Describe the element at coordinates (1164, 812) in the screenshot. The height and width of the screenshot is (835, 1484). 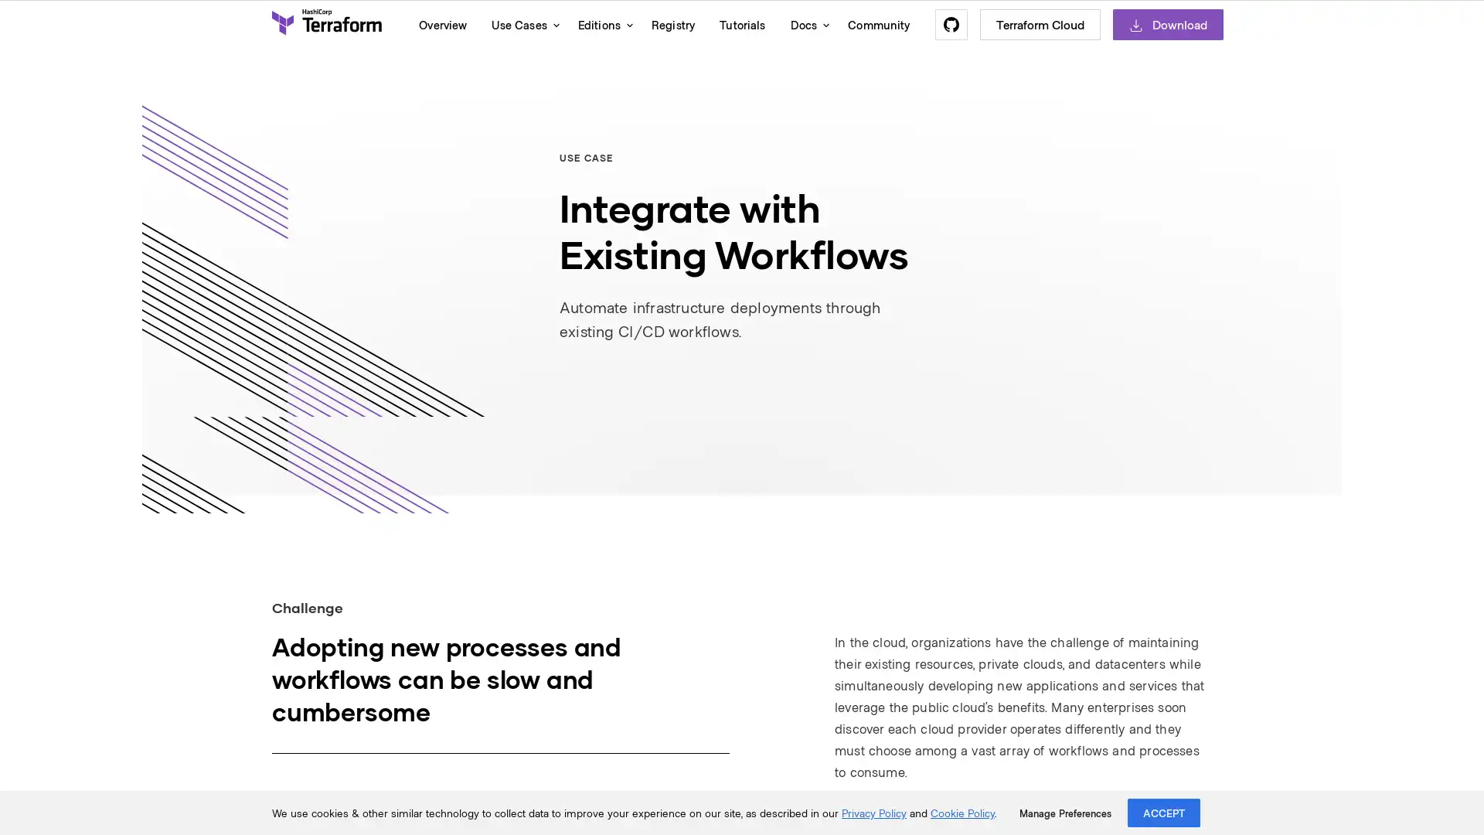
I see `ACCEPT` at that location.